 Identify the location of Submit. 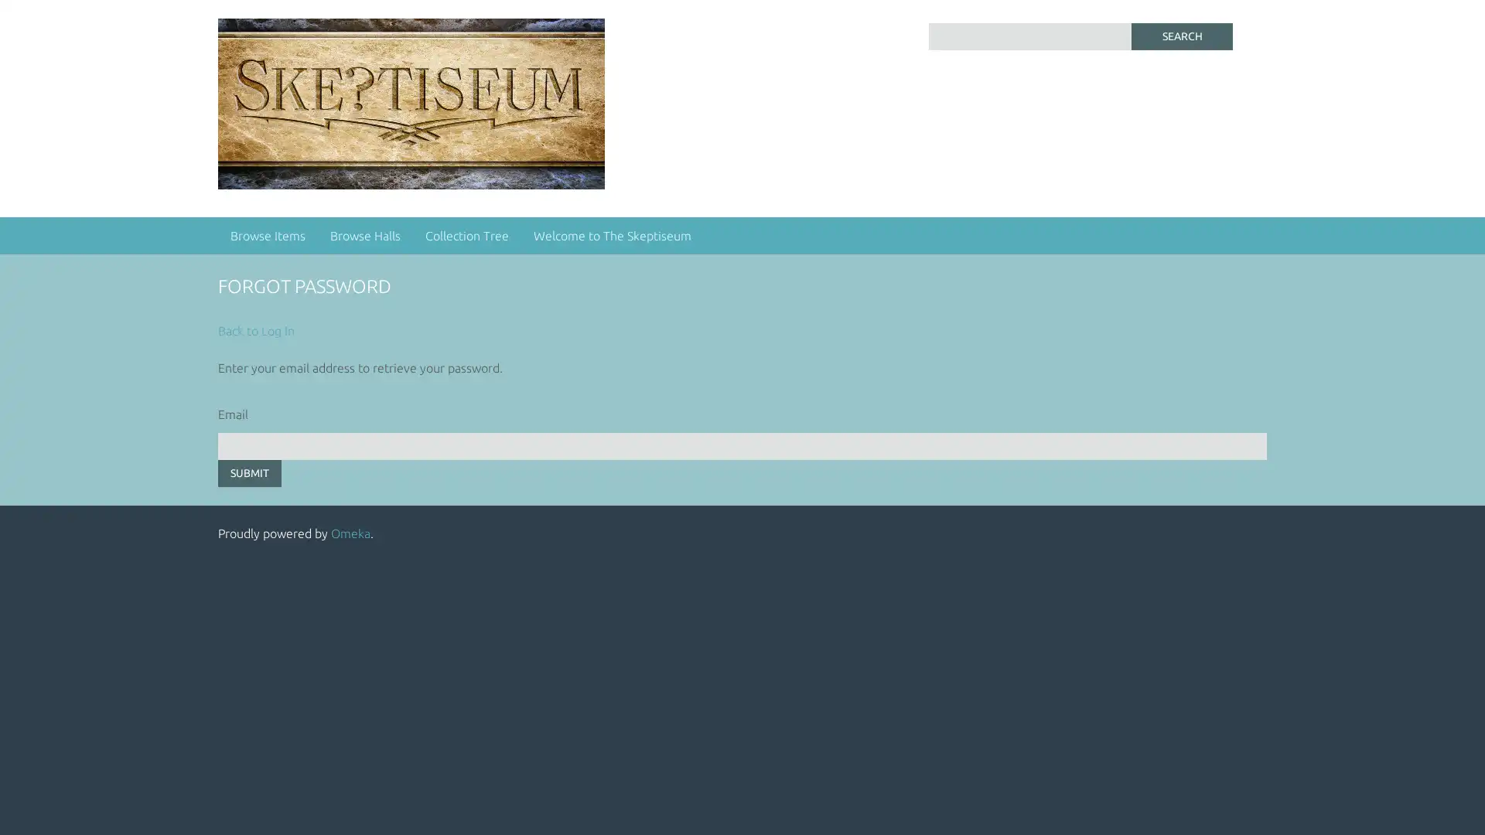
(249, 472).